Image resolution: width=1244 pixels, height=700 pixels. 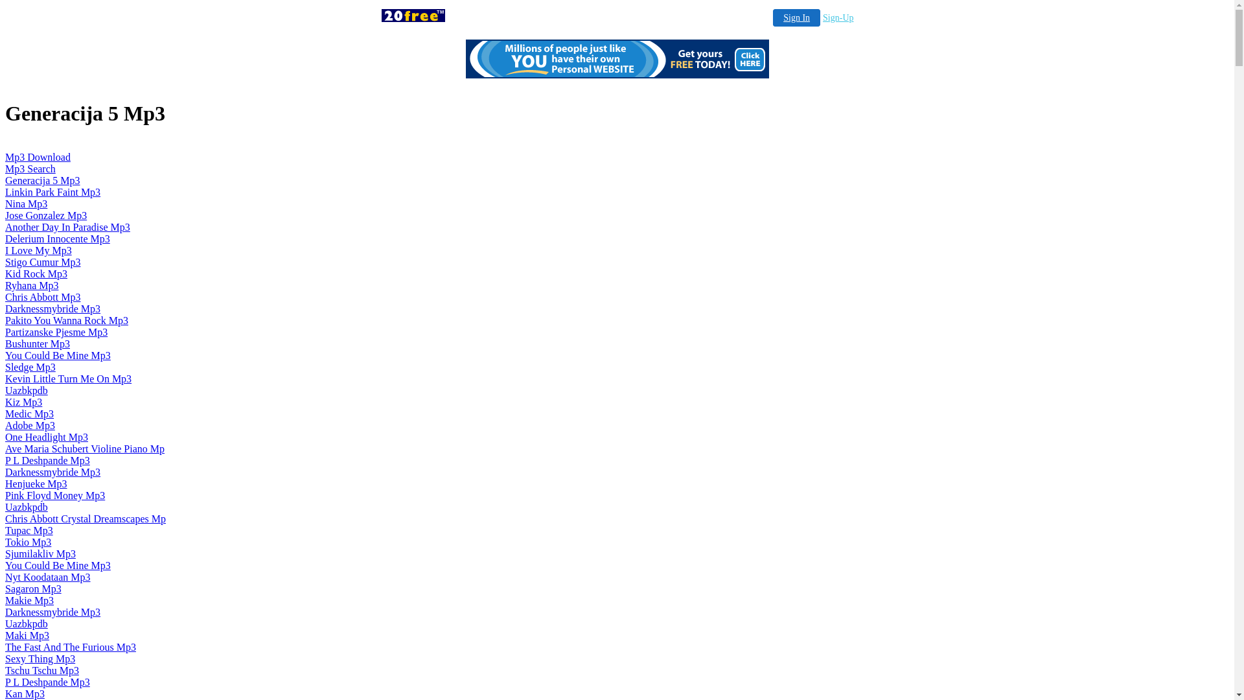 I want to click on 'Chris Abbott Crystal Dreamscapes Mp', so click(x=85, y=518).